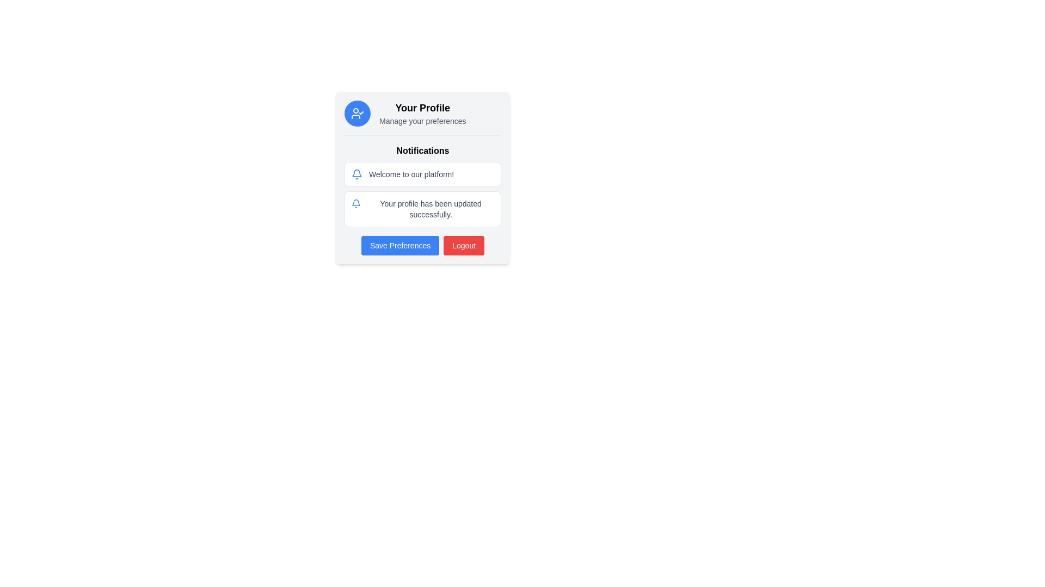 The image size is (1045, 587). I want to click on the descriptive text label located below 'Your Profile' in the user profile interface panel, so click(422, 121).